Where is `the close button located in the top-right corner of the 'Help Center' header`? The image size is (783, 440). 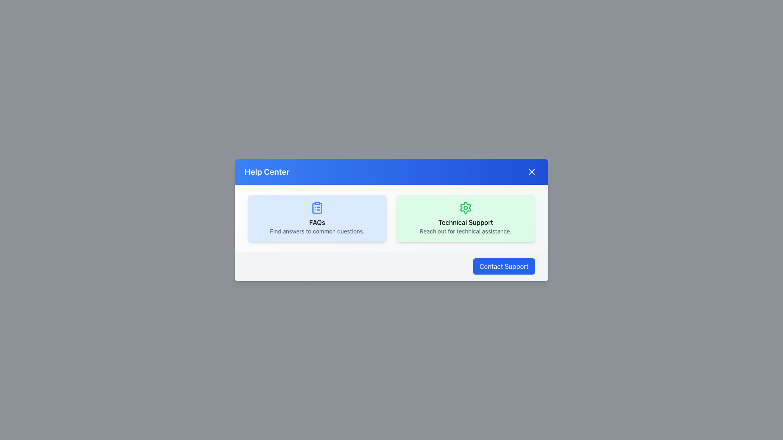 the close button located in the top-right corner of the 'Help Center' header is located at coordinates (532, 171).